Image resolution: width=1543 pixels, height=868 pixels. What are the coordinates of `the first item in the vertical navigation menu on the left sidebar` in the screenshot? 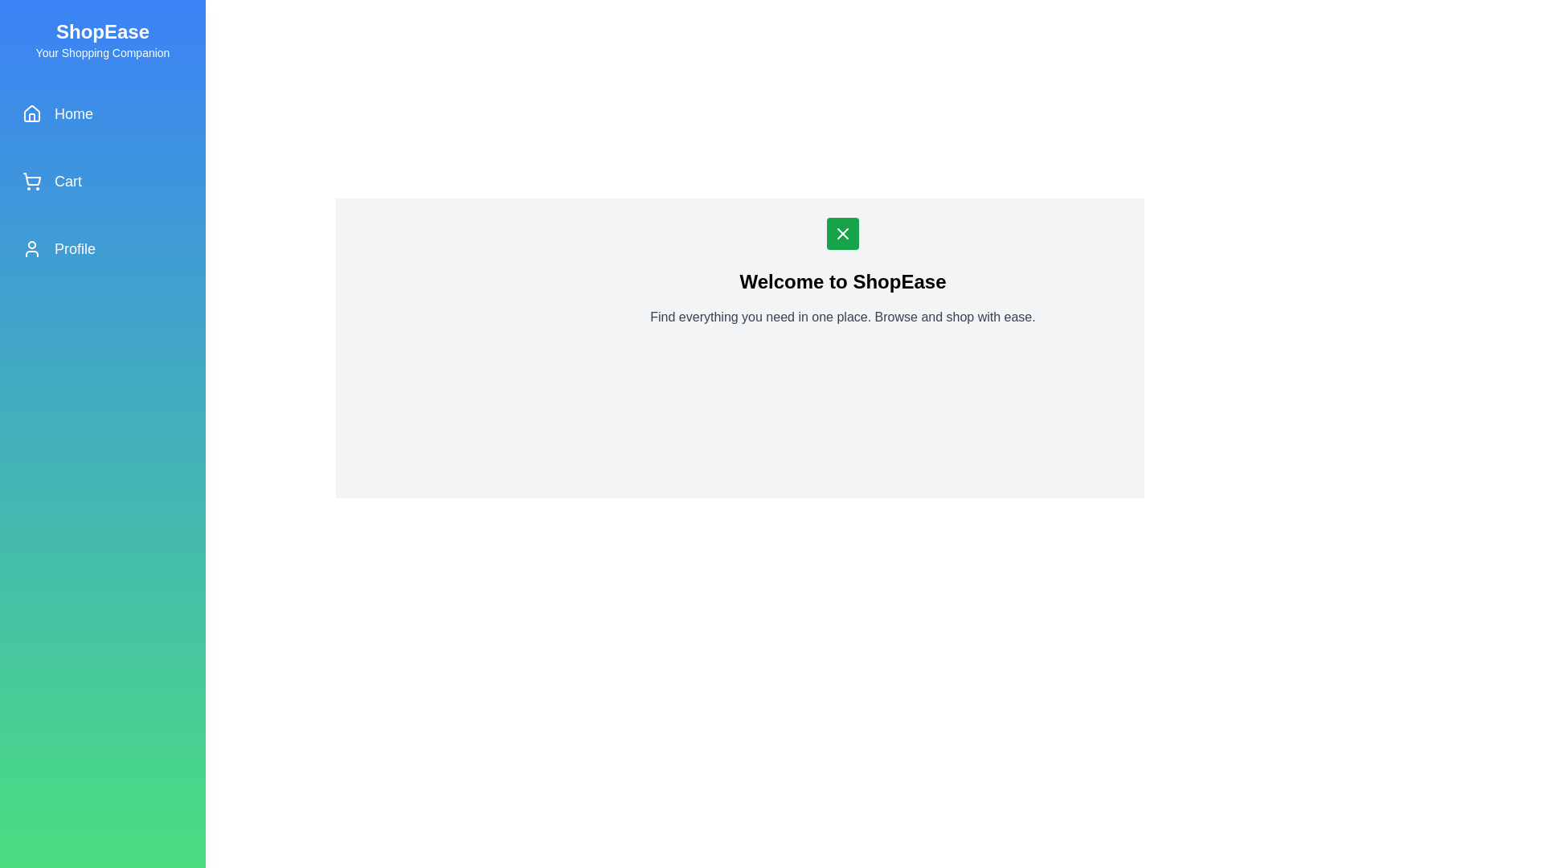 It's located at (102, 113).